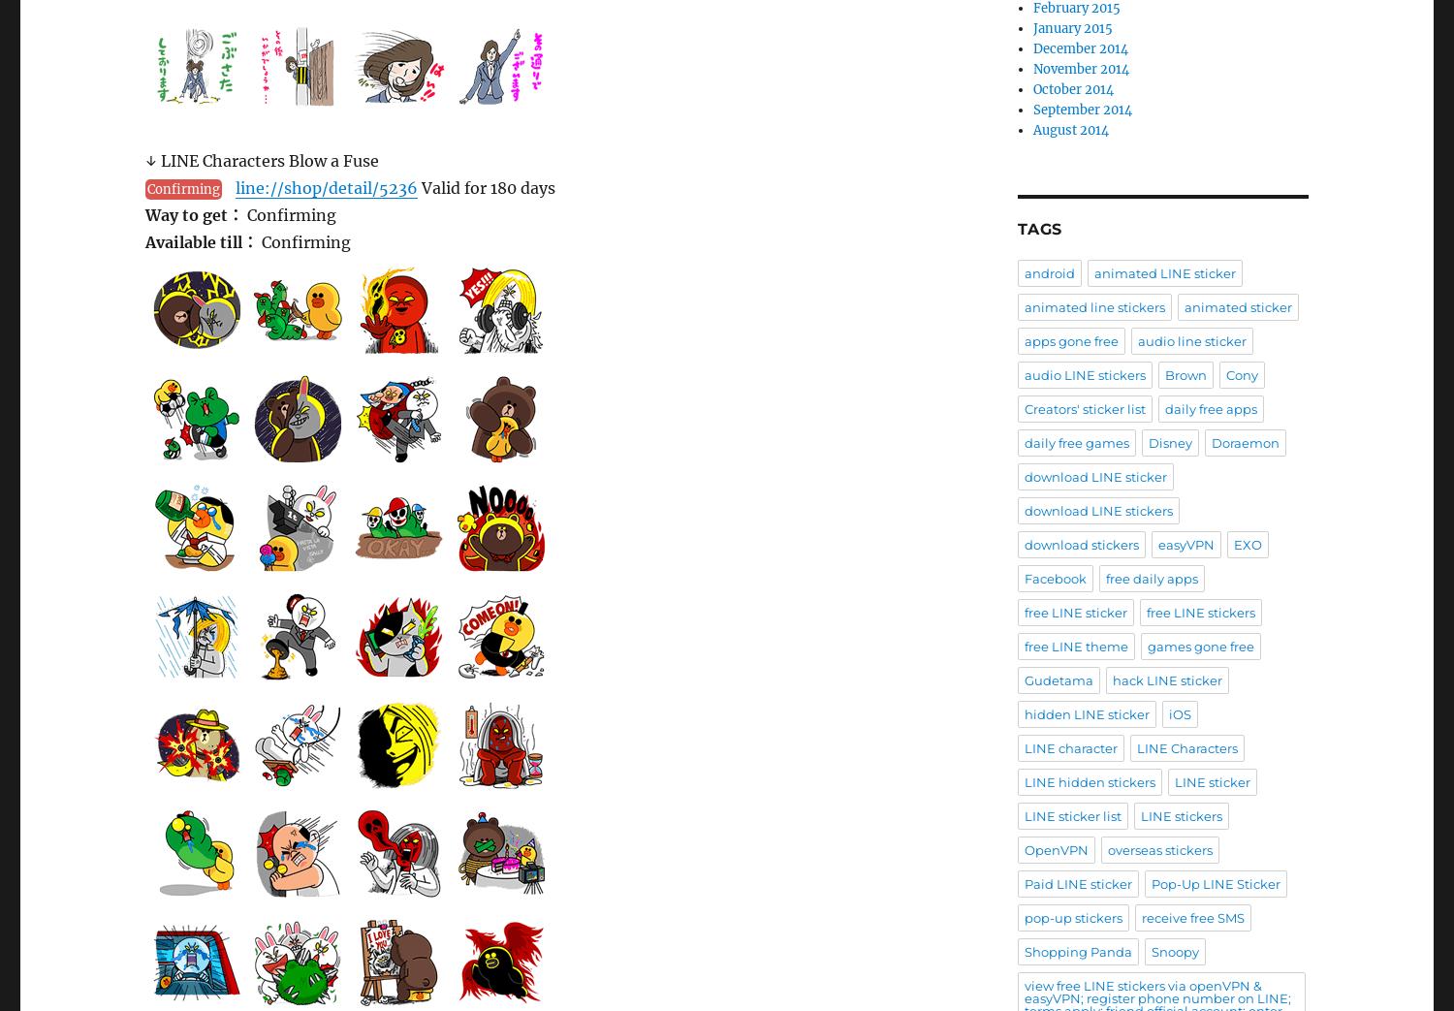 Image resolution: width=1454 pixels, height=1011 pixels. What do you see at coordinates (1072, 916) in the screenshot?
I see `'pop-up stickers'` at bounding box center [1072, 916].